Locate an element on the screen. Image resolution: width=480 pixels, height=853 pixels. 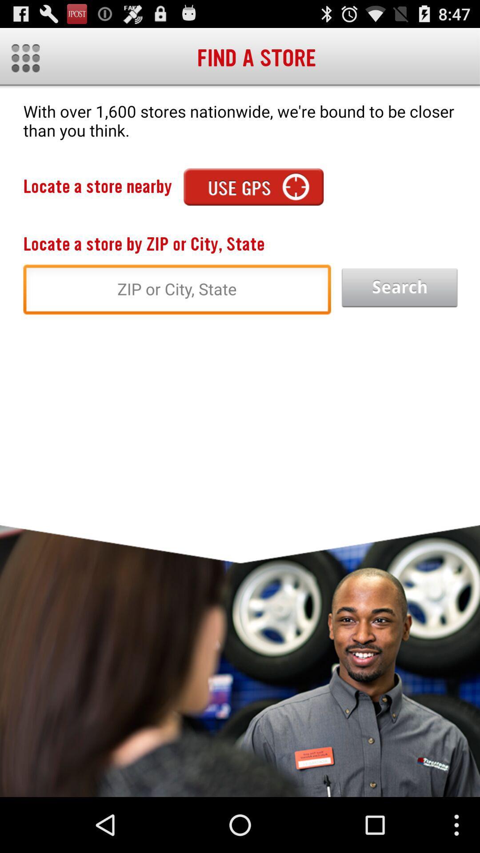
zip or city state is located at coordinates (177, 292).